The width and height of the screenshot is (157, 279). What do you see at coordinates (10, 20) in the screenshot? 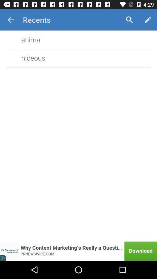
I see `the app next to the recents item` at bounding box center [10, 20].